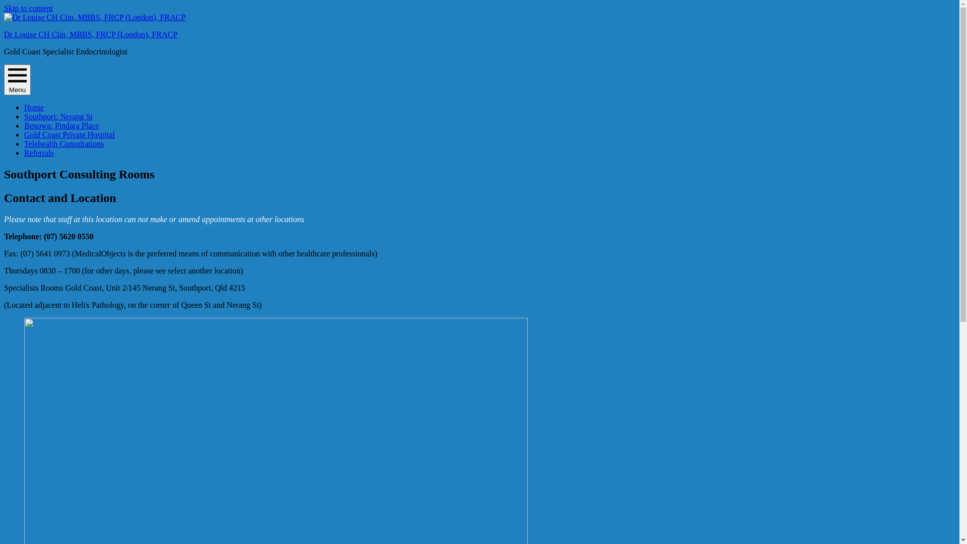  Describe the element at coordinates (24, 134) in the screenshot. I see `'Gold Coast Private Hospital'` at that location.